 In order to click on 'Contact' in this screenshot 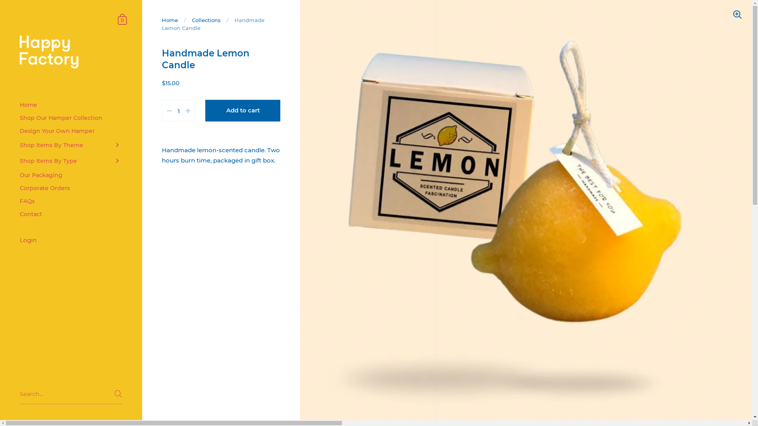, I will do `click(71, 214)`.